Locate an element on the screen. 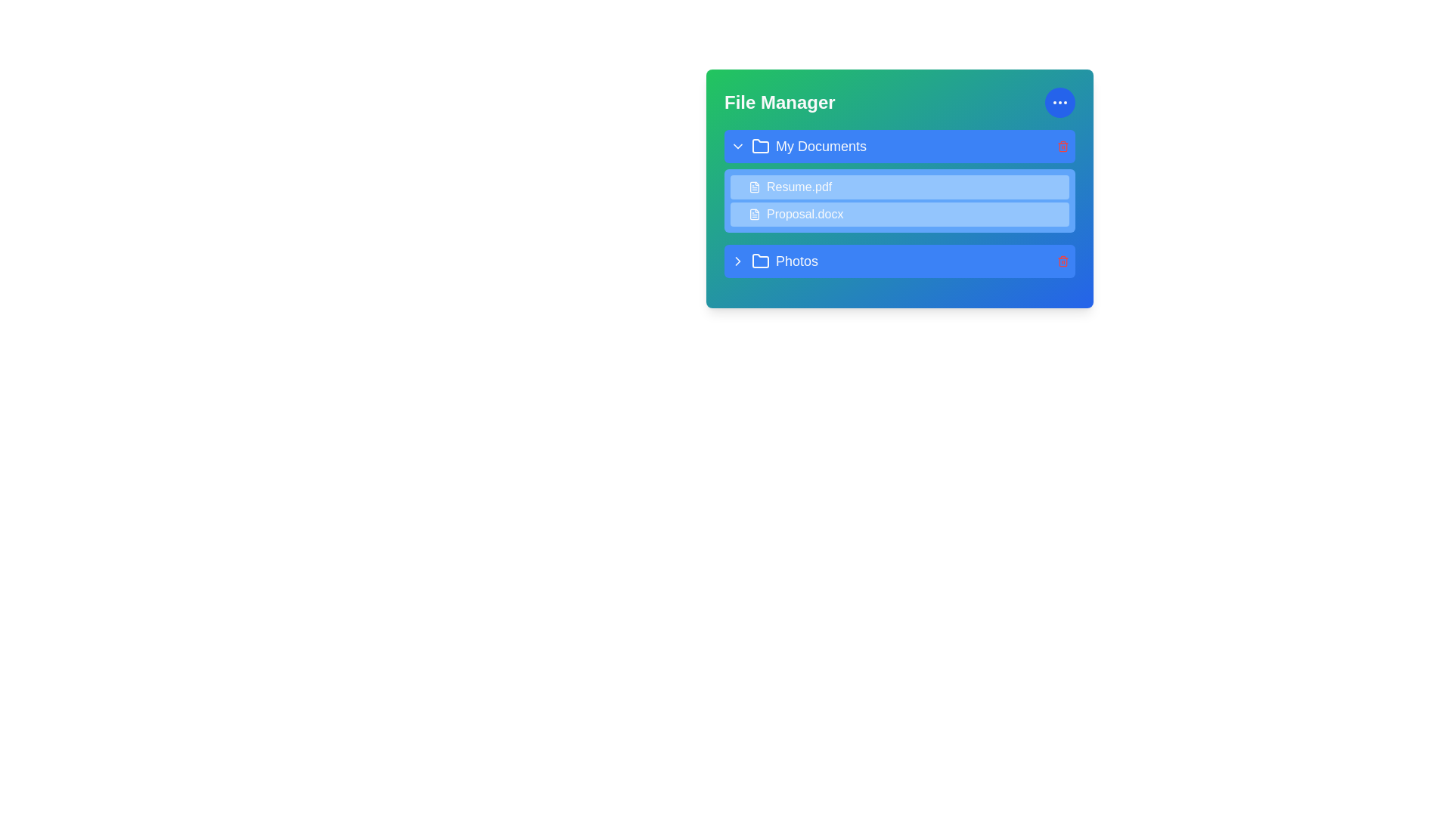 The height and width of the screenshot is (816, 1452). the Folder representation UI element labeled 'Photos', which has a blue background and is the last item in the folder navigation interface is located at coordinates (900, 261).